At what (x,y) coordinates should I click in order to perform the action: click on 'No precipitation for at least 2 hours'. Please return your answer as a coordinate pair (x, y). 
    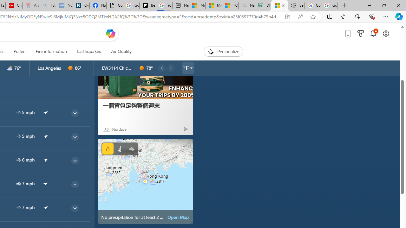
    Looking at the image, I should click on (145, 181).